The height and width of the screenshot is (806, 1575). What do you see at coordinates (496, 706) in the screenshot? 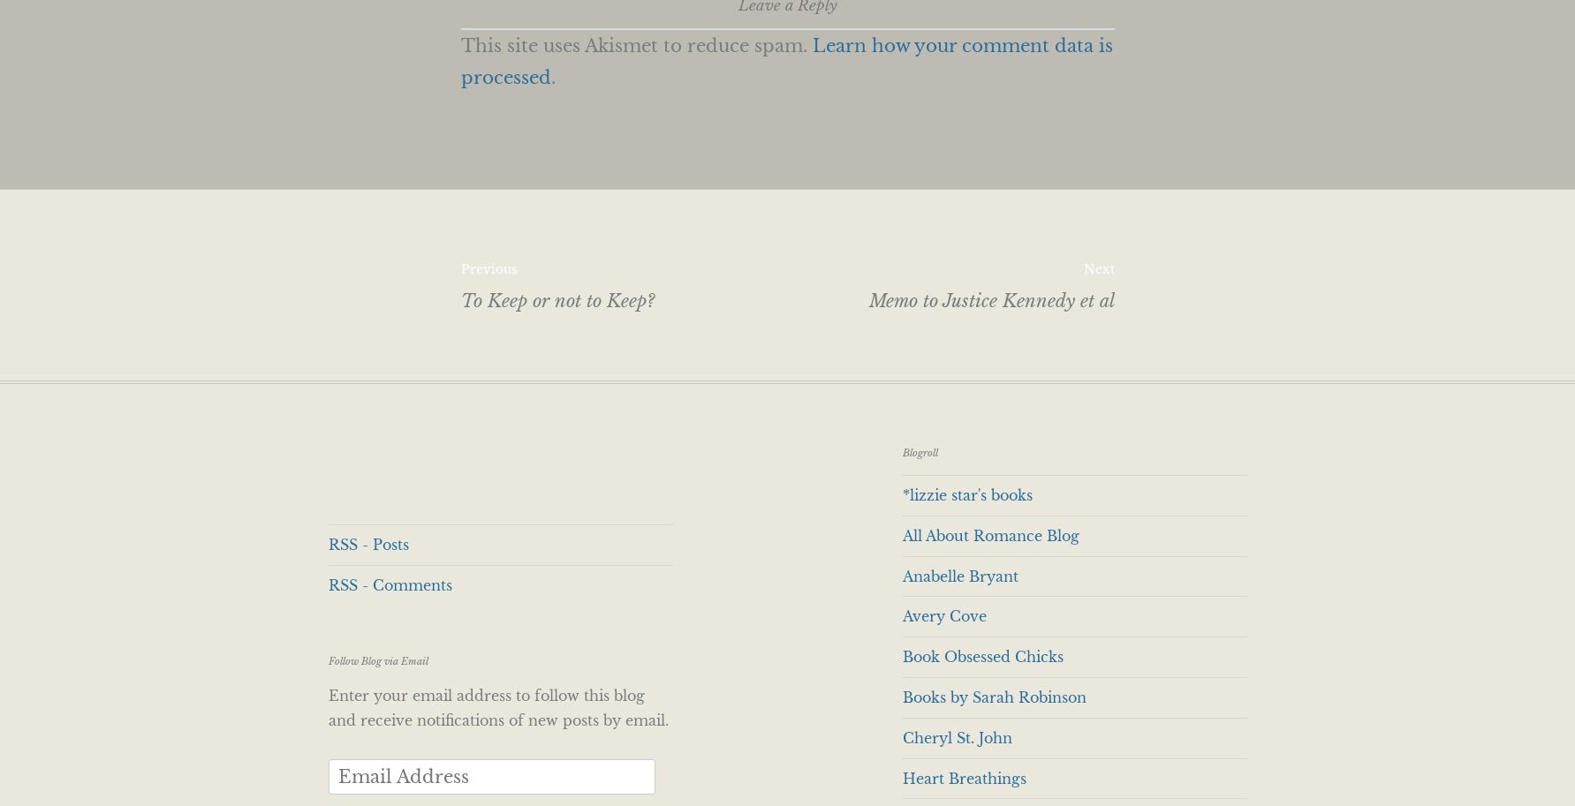
I see `'Enter your email address to follow this blog and receive notifications of new posts by email.'` at bounding box center [496, 706].